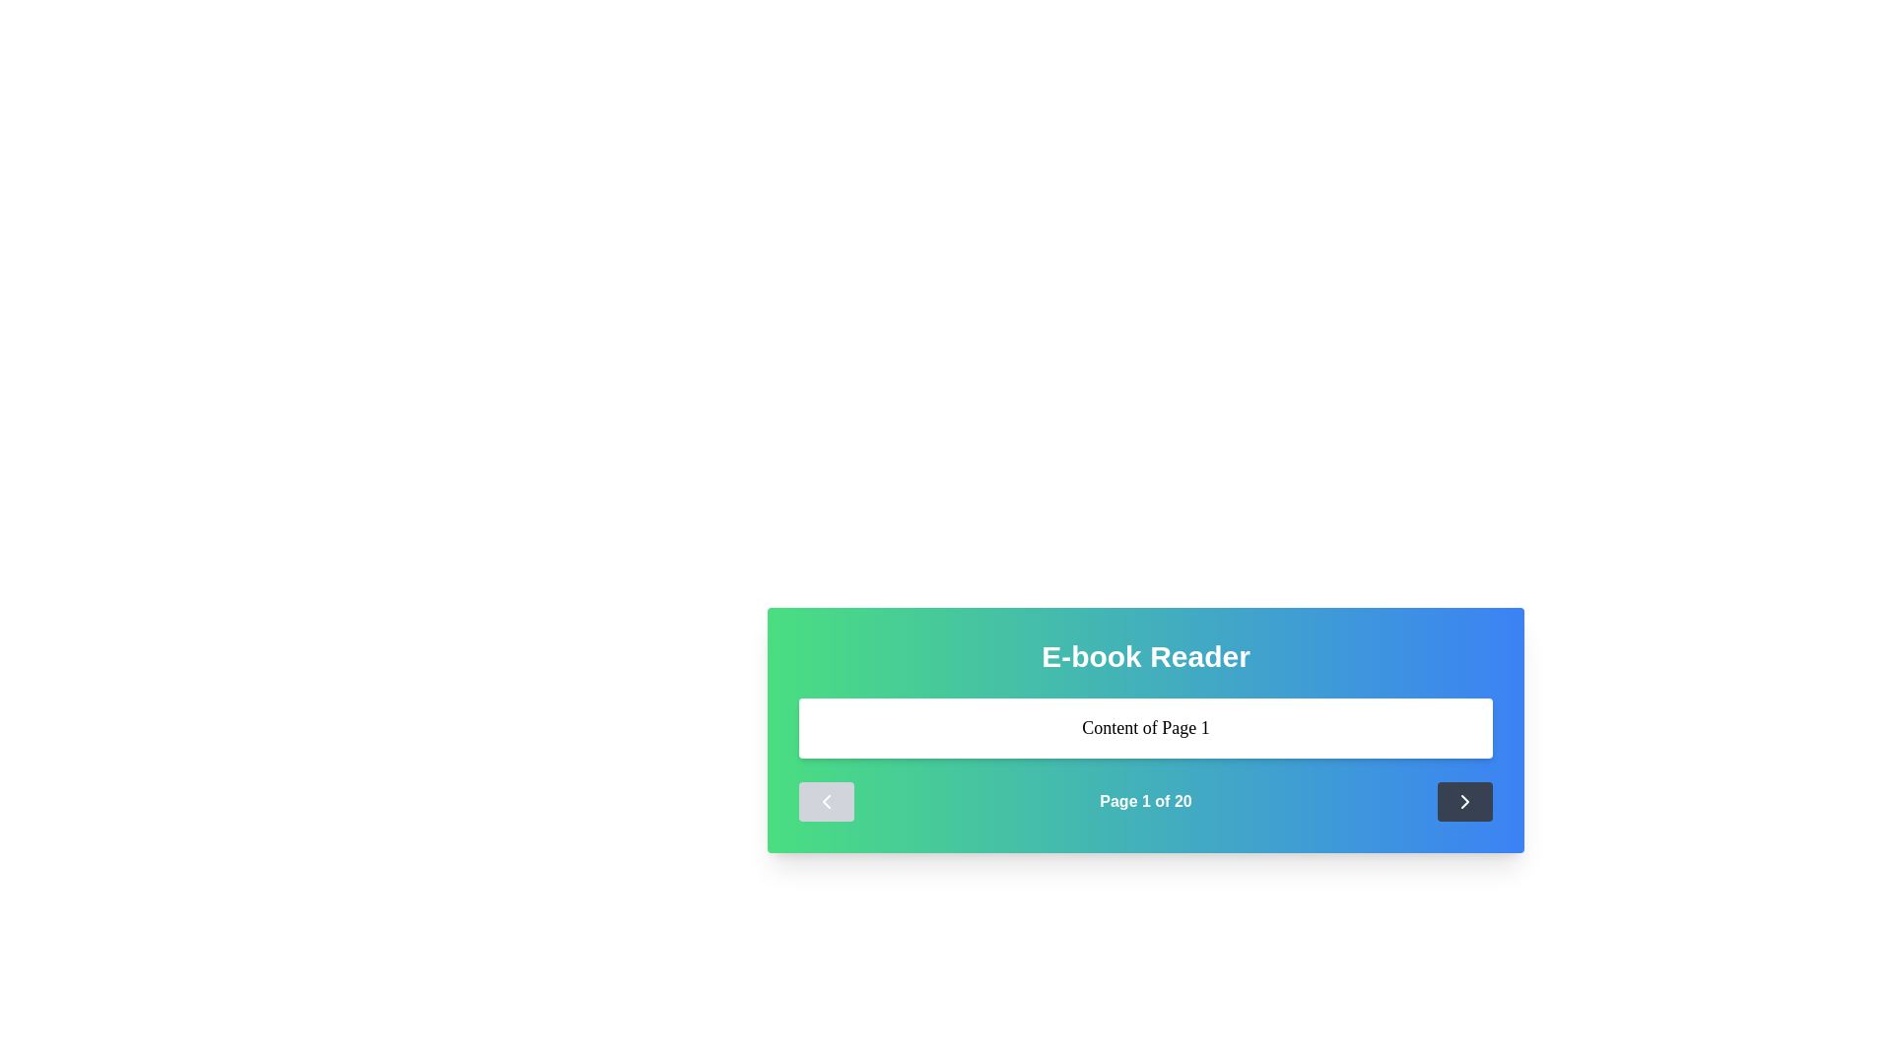 Image resolution: width=1892 pixels, height=1064 pixels. Describe the element at coordinates (1465, 802) in the screenshot. I see `the rectangular button with a dark-gray background and a white right-pointing chevron icon` at that location.